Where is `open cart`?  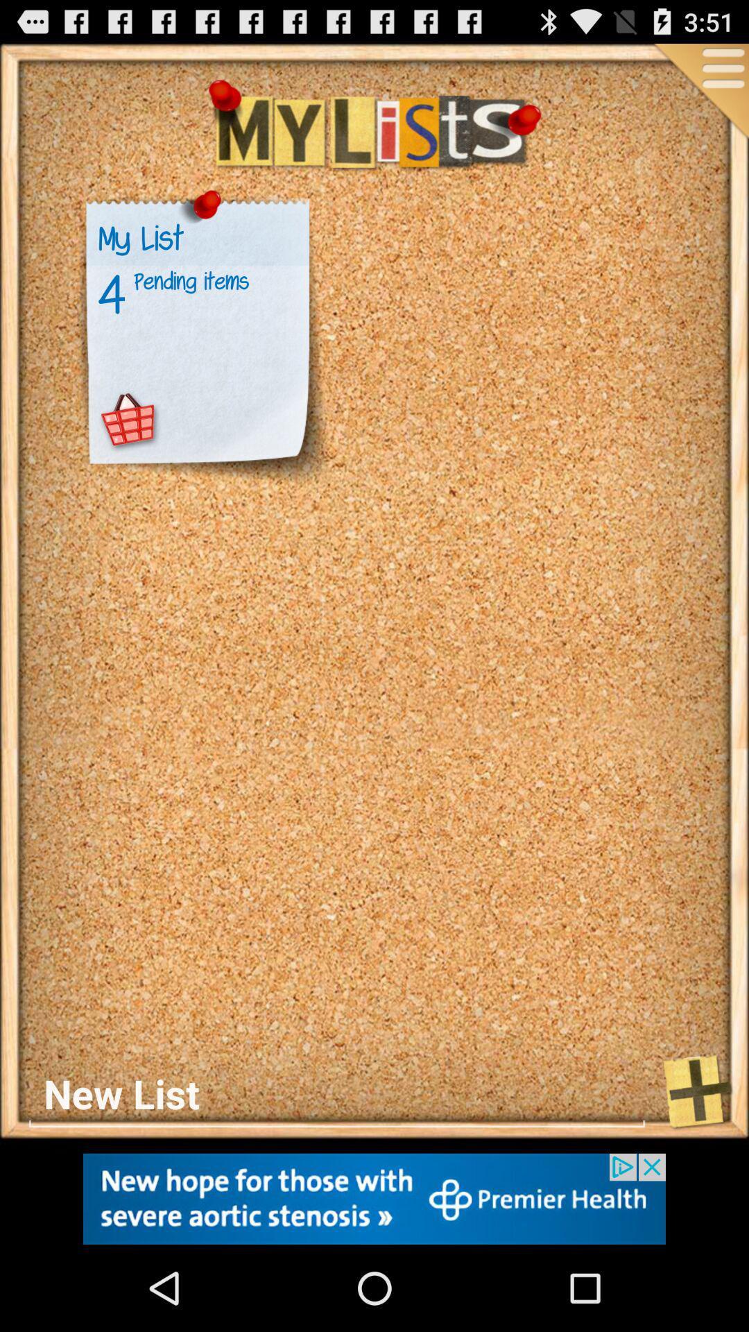
open cart is located at coordinates (129, 420).